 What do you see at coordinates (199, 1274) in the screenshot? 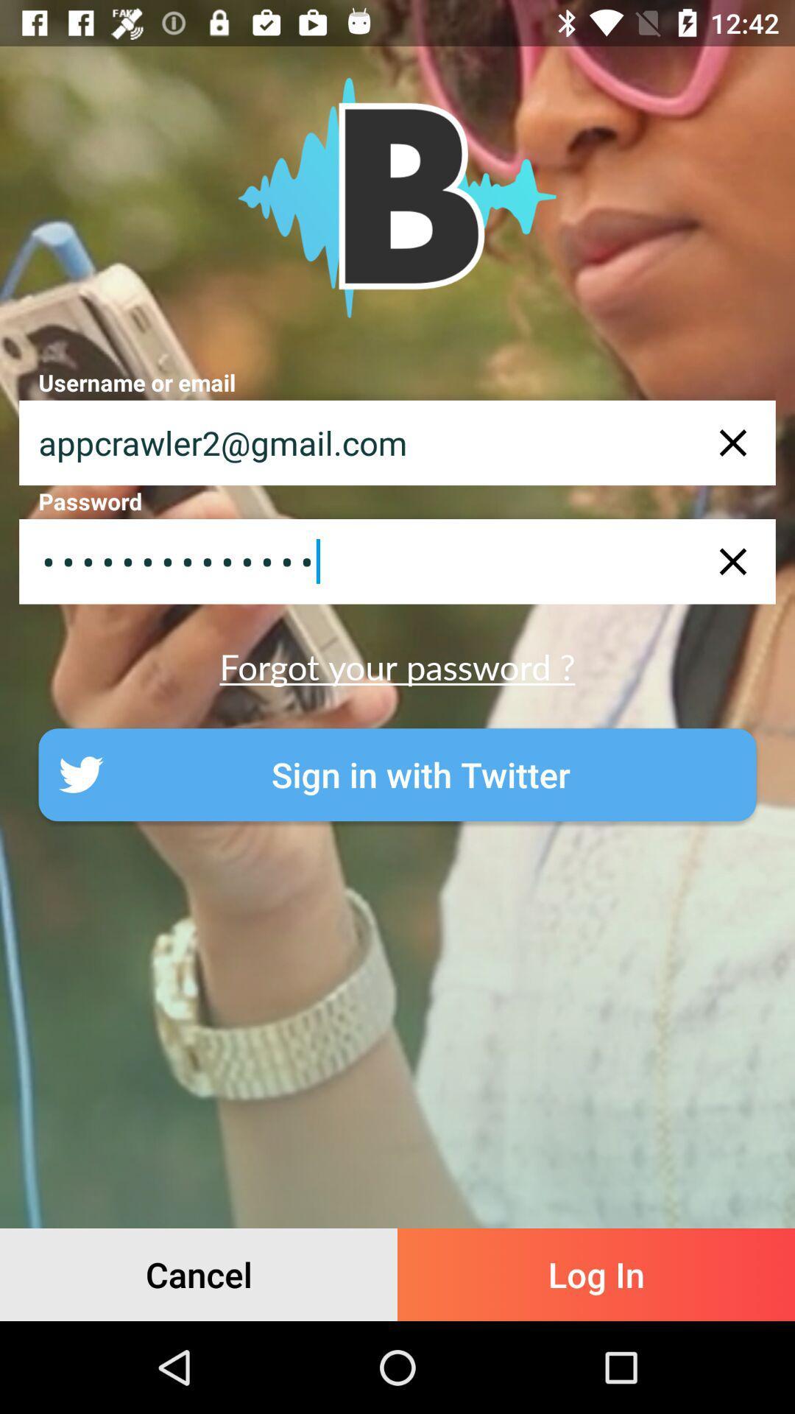
I see `the item next to the log in` at bounding box center [199, 1274].